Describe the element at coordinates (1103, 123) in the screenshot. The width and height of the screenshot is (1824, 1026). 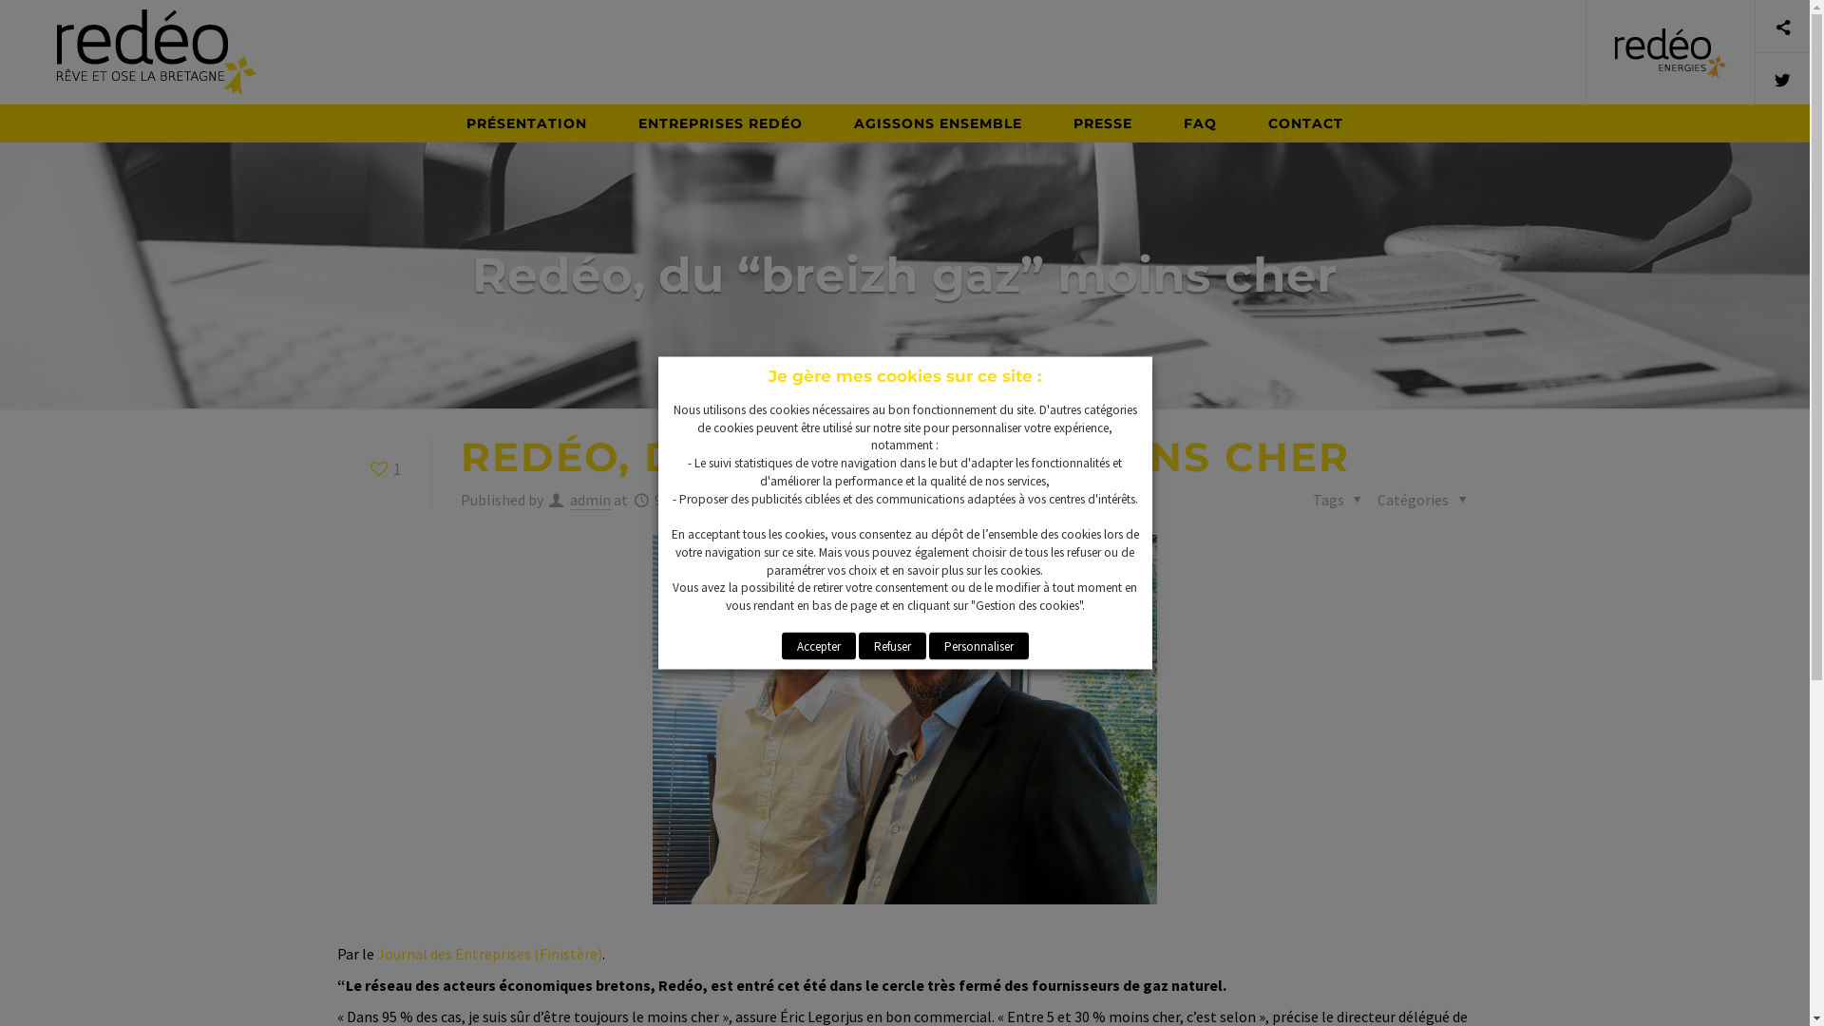
I see `'PRESSE'` at that location.